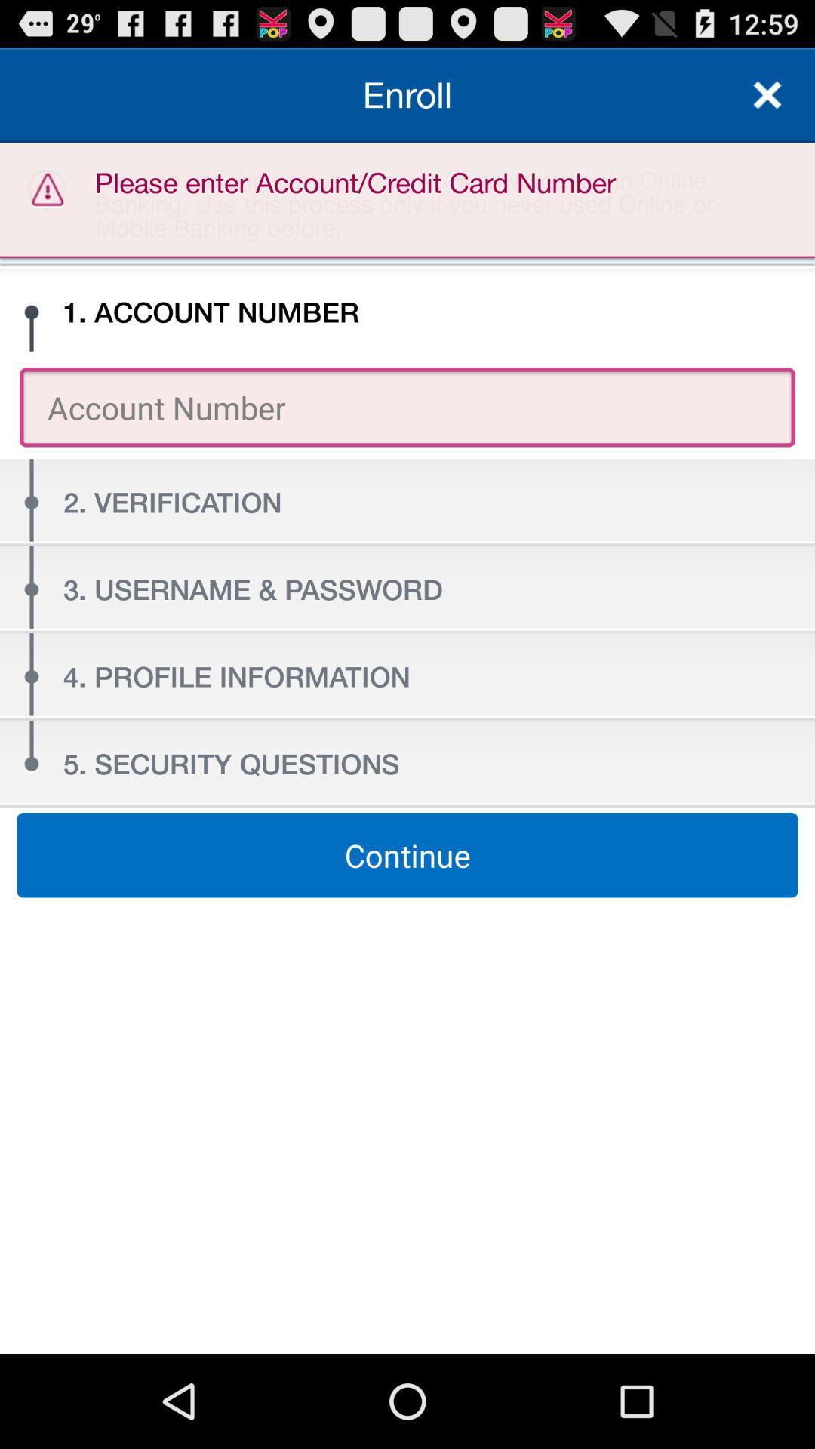 Image resolution: width=815 pixels, height=1449 pixels. Describe the element at coordinates (407, 94) in the screenshot. I see `enroll` at that location.